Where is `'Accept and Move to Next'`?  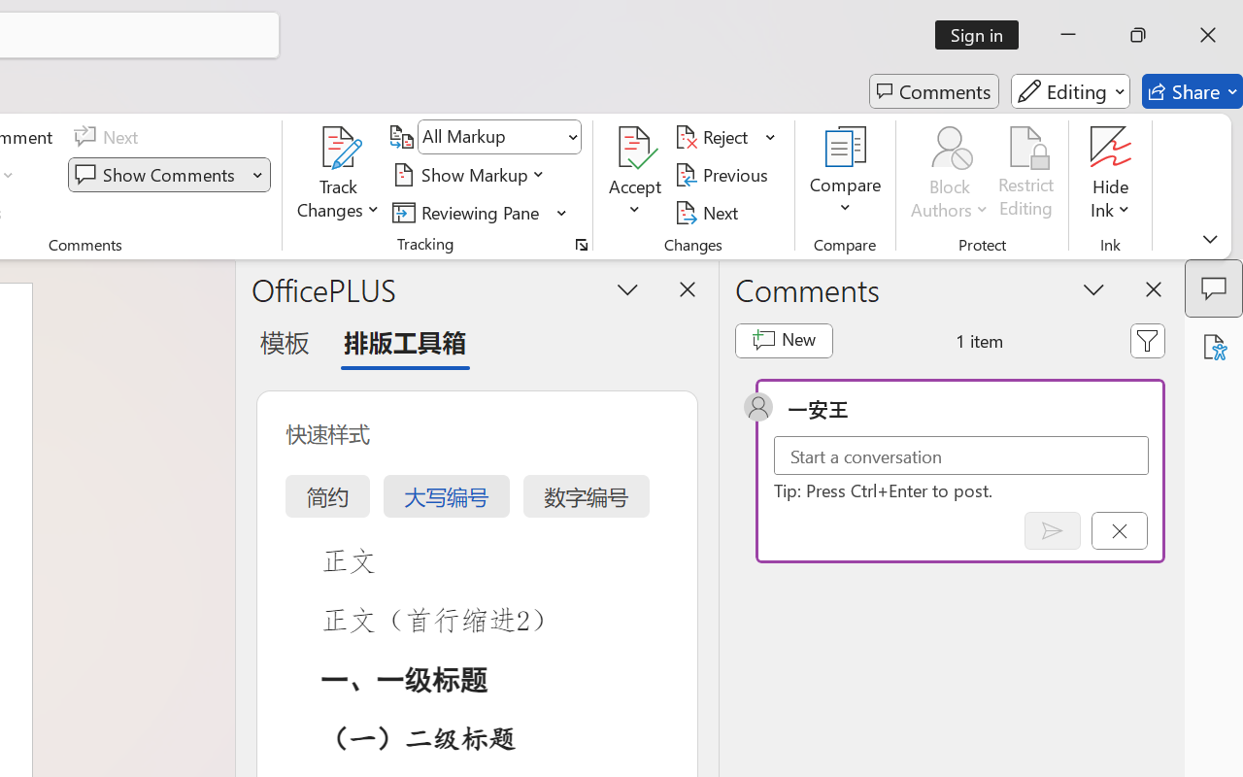
'Accept and Move to Next' is located at coordinates (635, 147).